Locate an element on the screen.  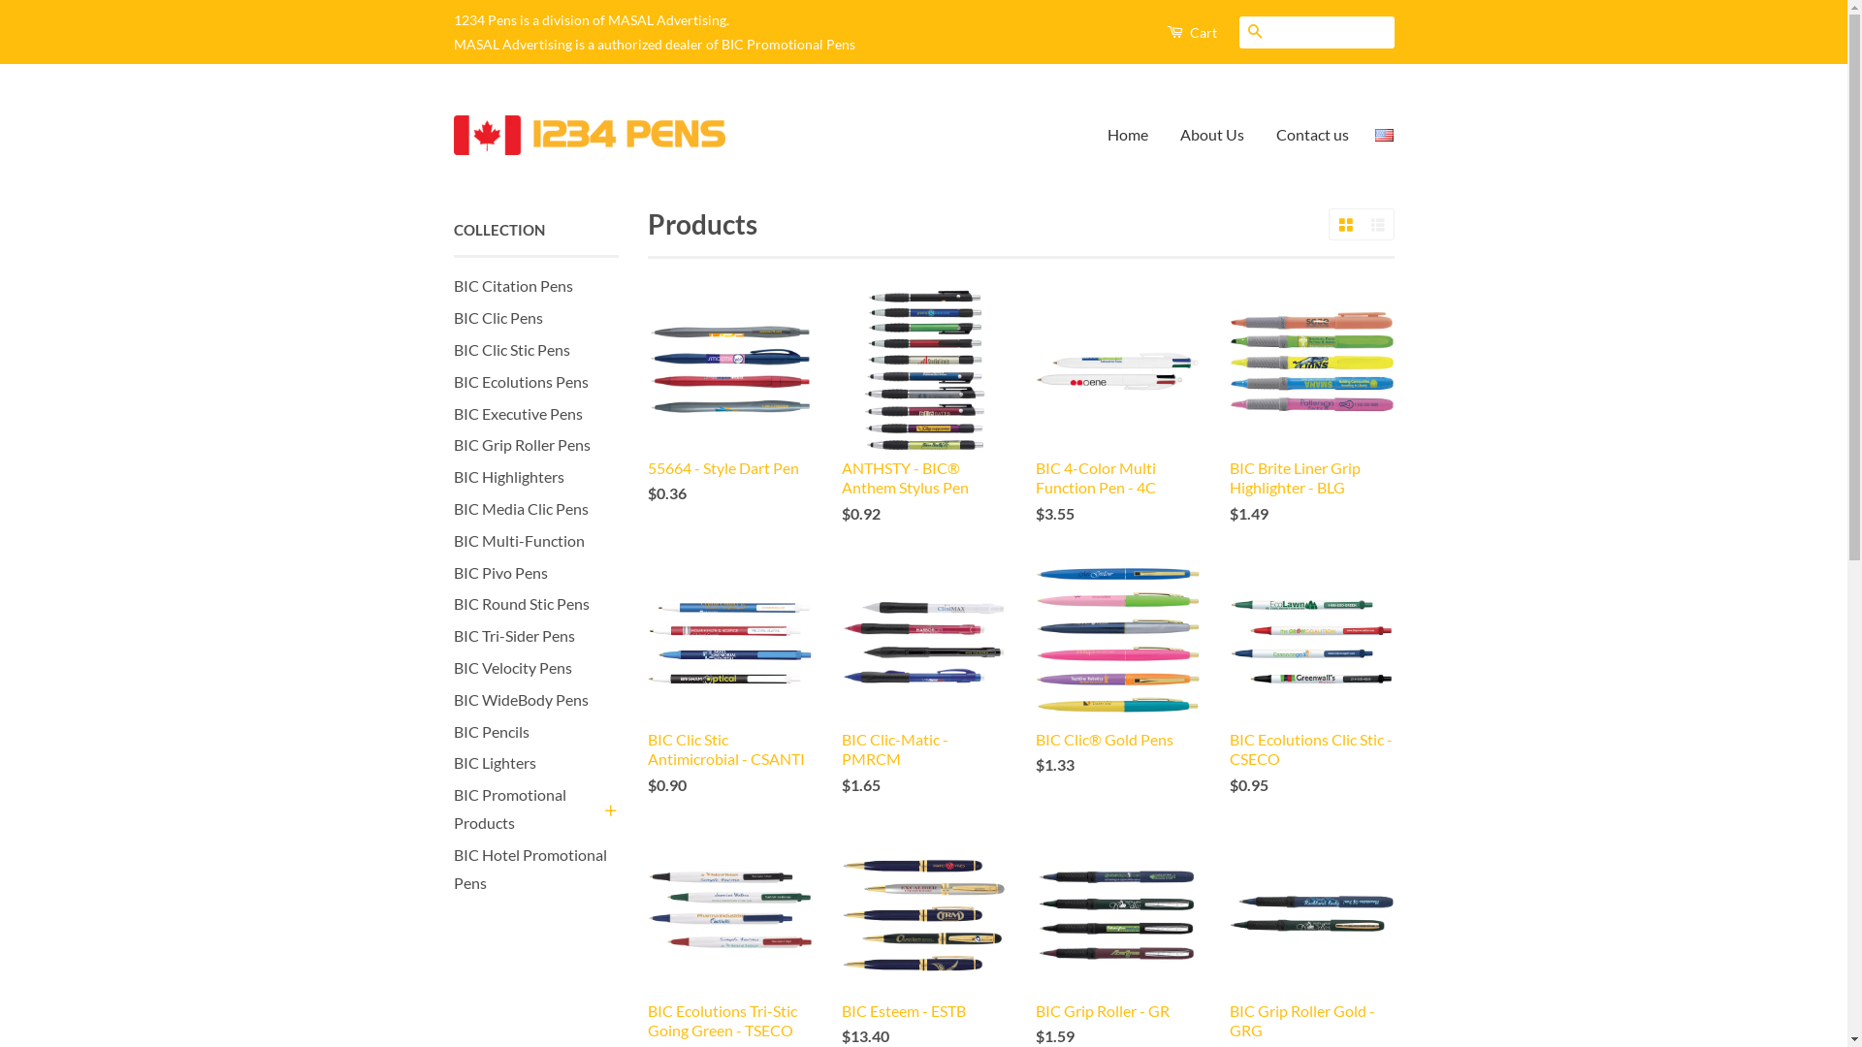
'BIC Clic Stic Pens' is located at coordinates (512, 349).